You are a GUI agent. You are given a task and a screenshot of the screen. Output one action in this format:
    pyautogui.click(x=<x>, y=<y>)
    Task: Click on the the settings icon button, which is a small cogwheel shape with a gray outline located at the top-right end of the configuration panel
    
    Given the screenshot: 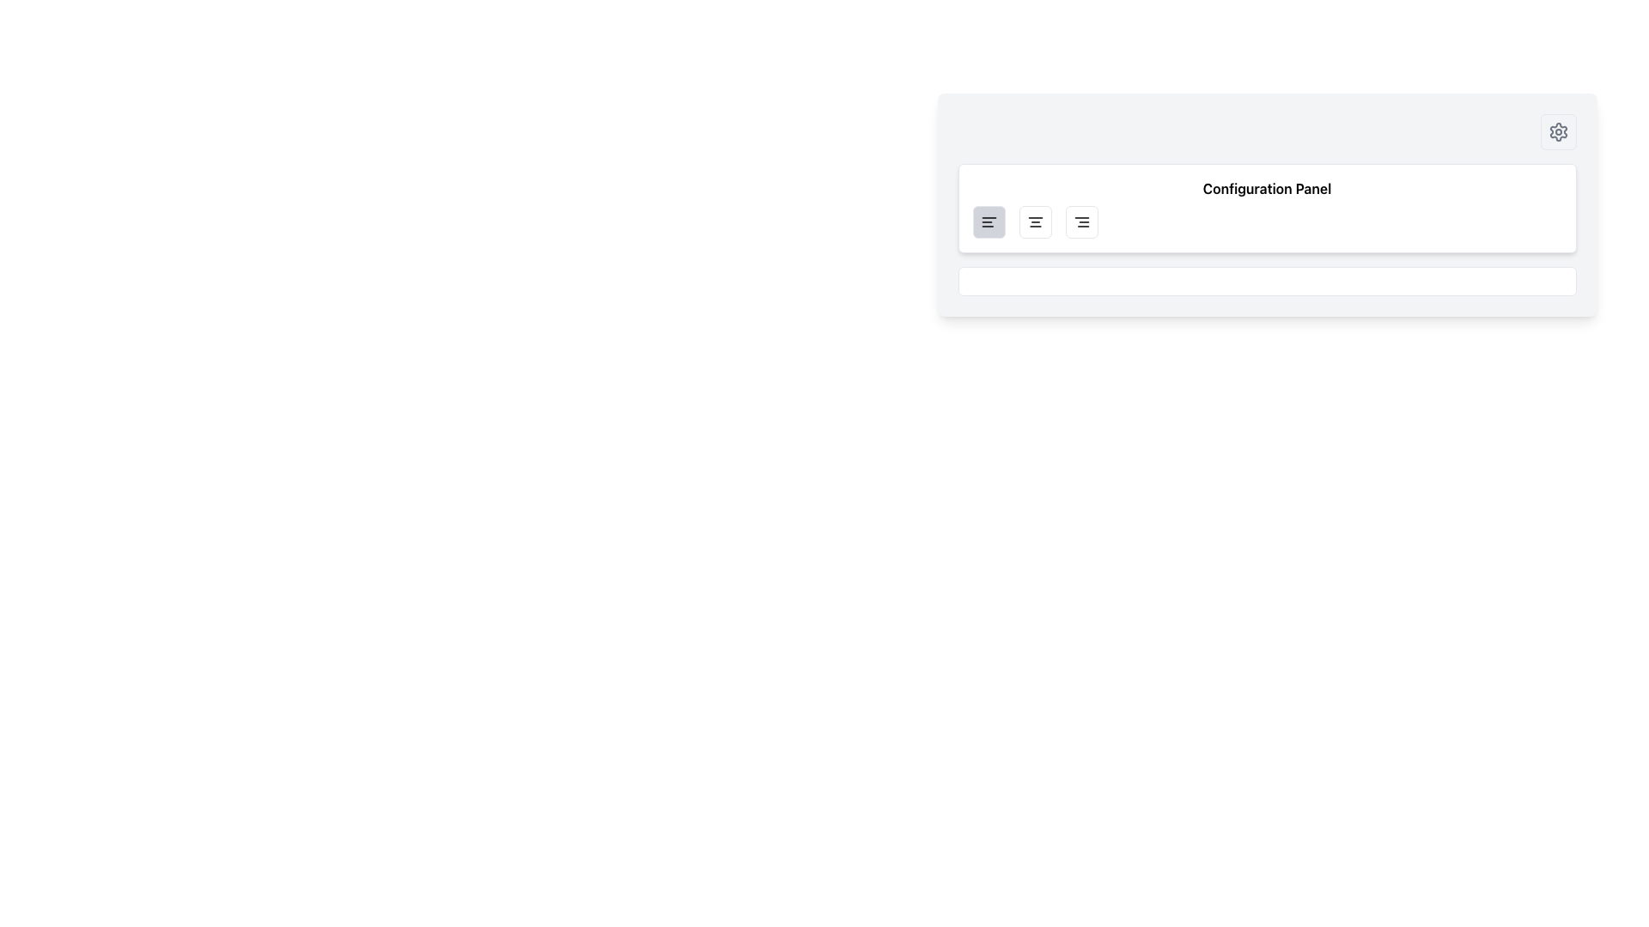 What is the action you would take?
    pyautogui.click(x=1558, y=131)
    